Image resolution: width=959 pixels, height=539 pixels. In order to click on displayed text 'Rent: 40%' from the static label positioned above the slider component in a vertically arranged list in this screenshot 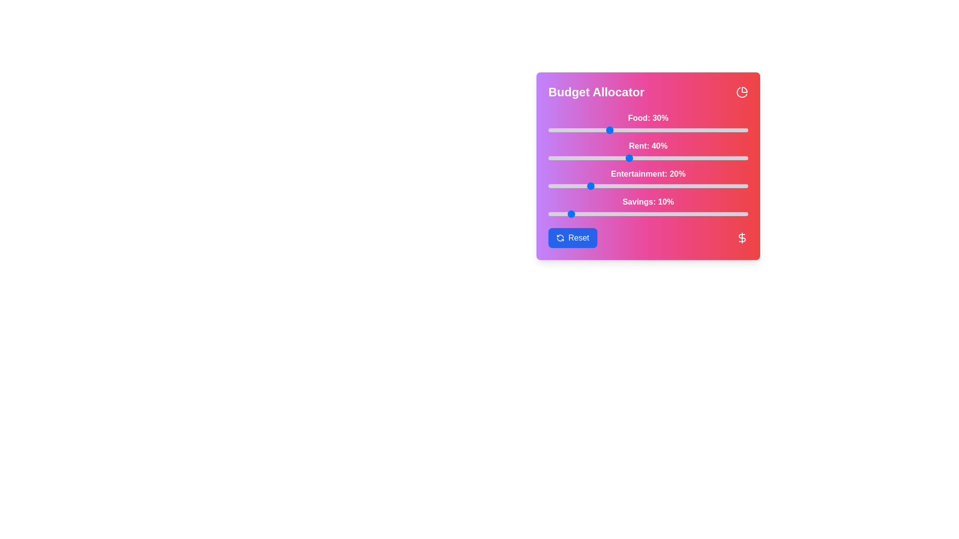, I will do `click(648, 146)`.